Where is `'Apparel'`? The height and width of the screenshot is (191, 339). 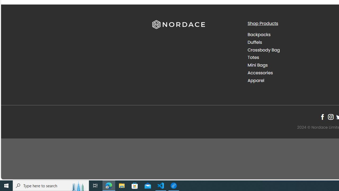
'Apparel' is located at coordinates (291, 80).